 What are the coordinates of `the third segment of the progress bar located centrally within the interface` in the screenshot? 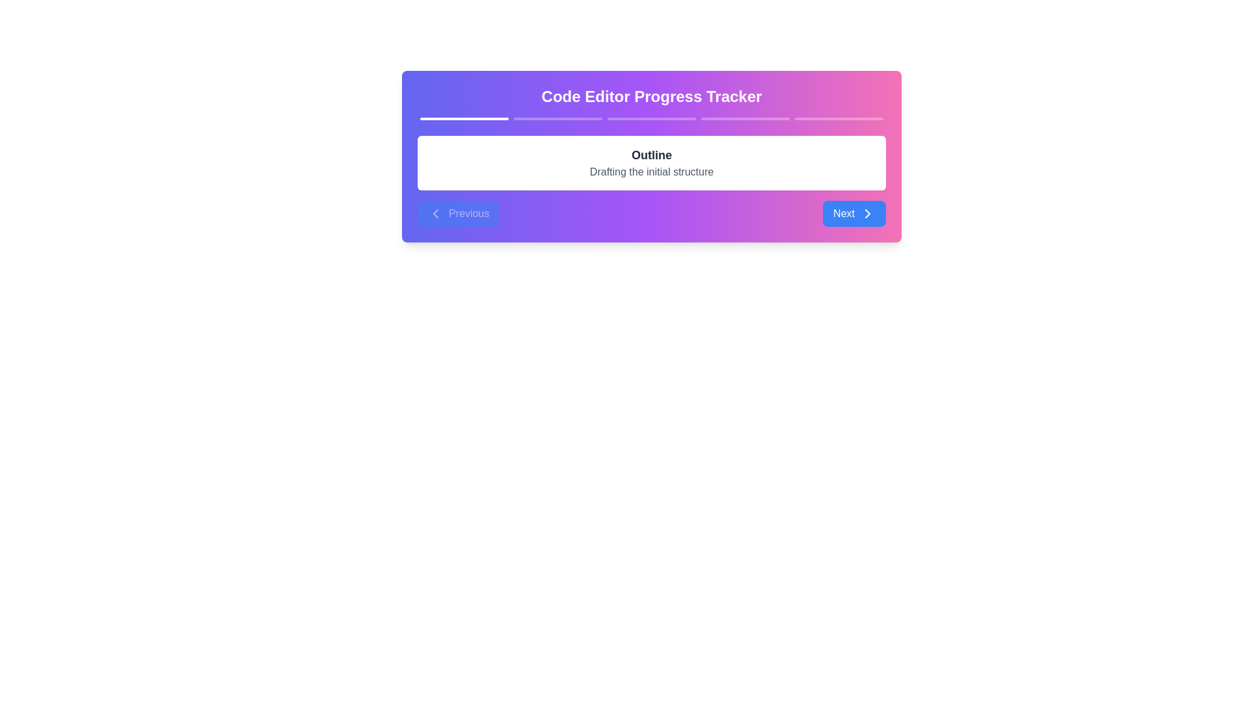 It's located at (652, 118).